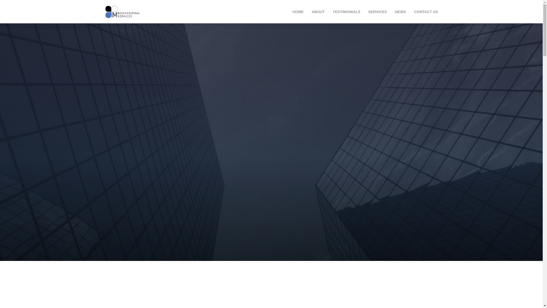  What do you see at coordinates (346, 12) in the screenshot?
I see `'TESTIMONIALS'` at bounding box center [346, 12].